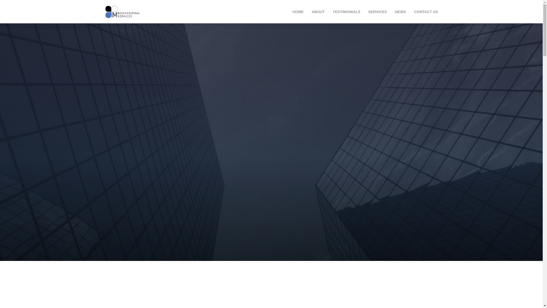  What do you see at coordinates (346, 12) in the screenshot?
I see `'TESTIMONIALS'` at bounding box center [346, 12].